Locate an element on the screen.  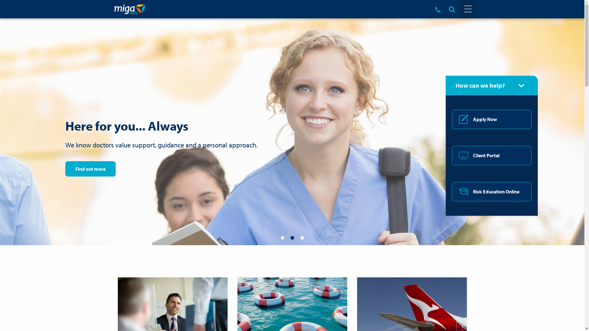
'Find out more' is located at coordinates (90, 169).